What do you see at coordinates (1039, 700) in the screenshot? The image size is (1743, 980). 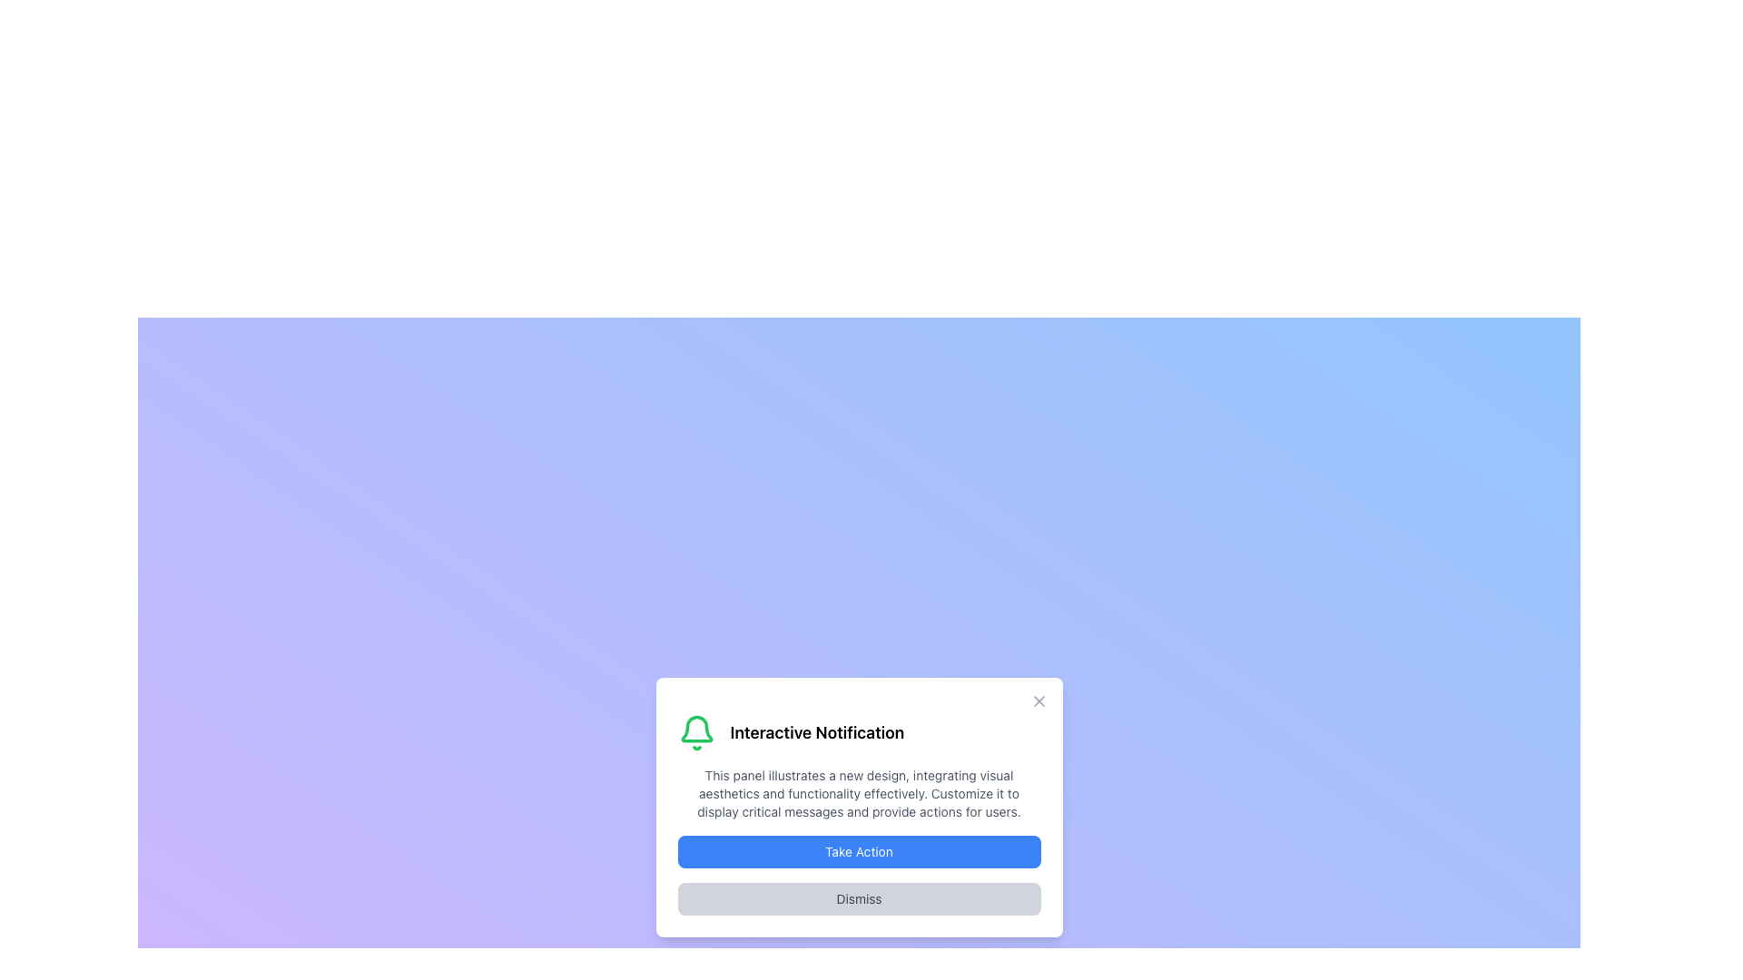 I see `the small square icon button with an 'X' symbol located at the top-right of the notification panel to observe the color transition effect` at bounding box center [1039, 700].